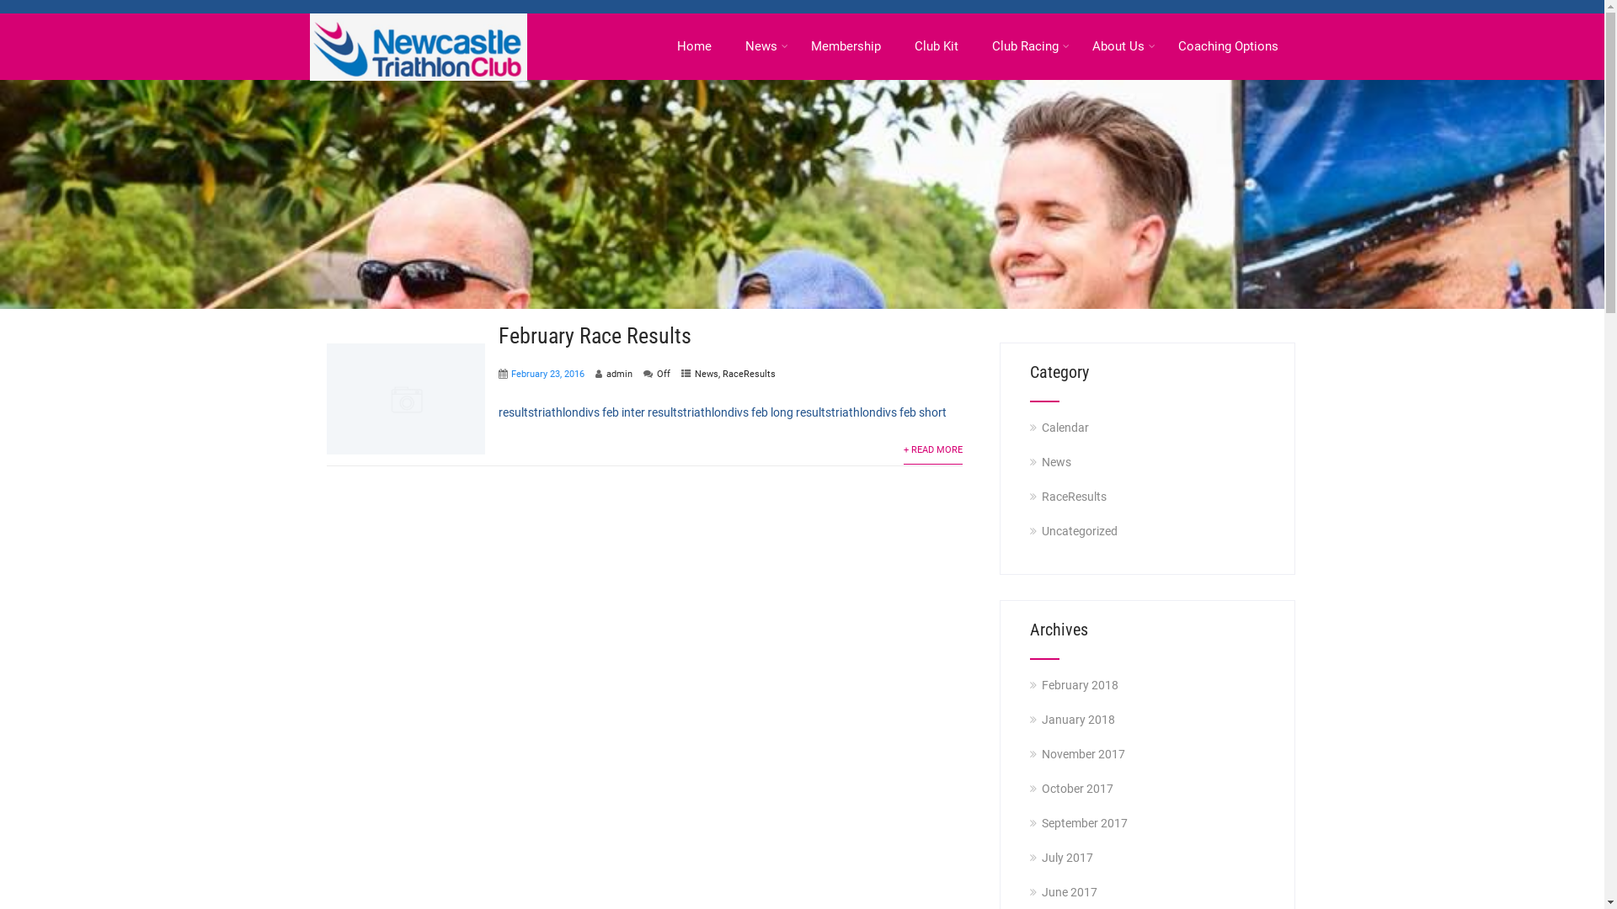  I want to click on 'October 2017', so click(1076, 789).